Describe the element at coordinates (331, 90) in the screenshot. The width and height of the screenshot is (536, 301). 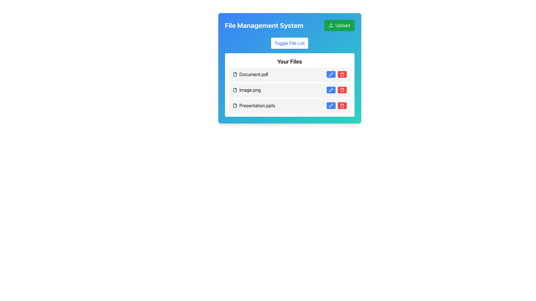
I see `the pen icon inside the blue button adjacent to the 'Image.png' file name` at that location.